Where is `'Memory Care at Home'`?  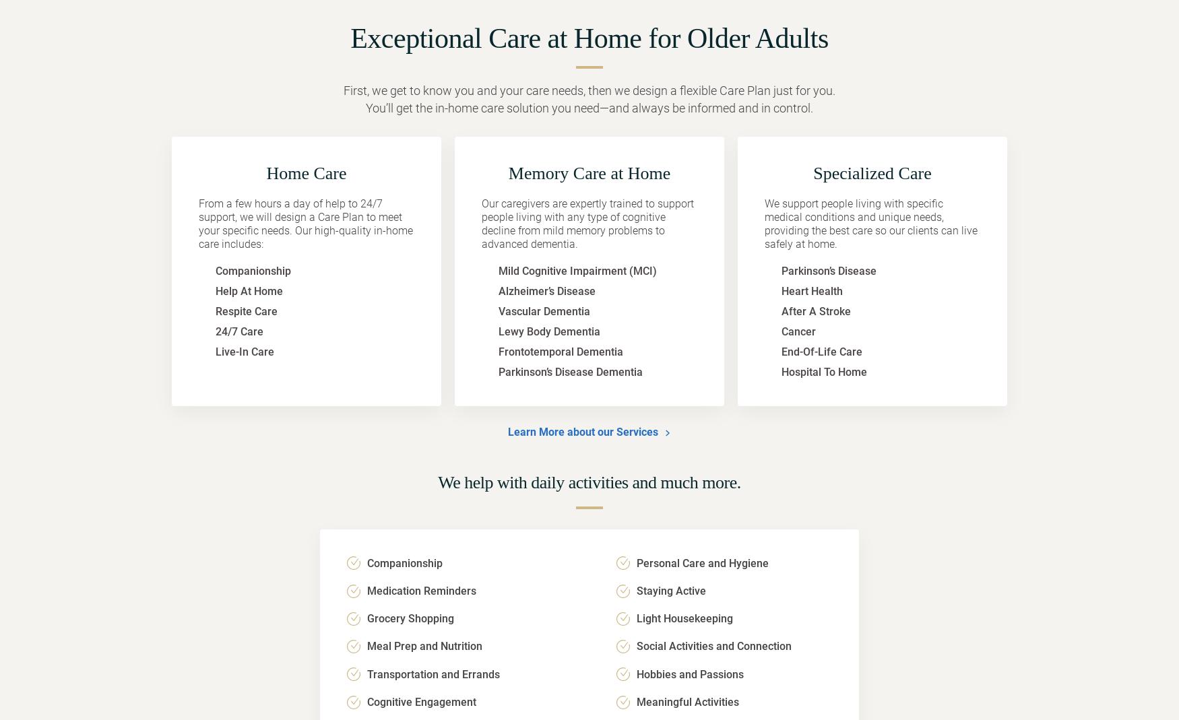
'Memory Care at Home' is located at coordinates (589, 172).